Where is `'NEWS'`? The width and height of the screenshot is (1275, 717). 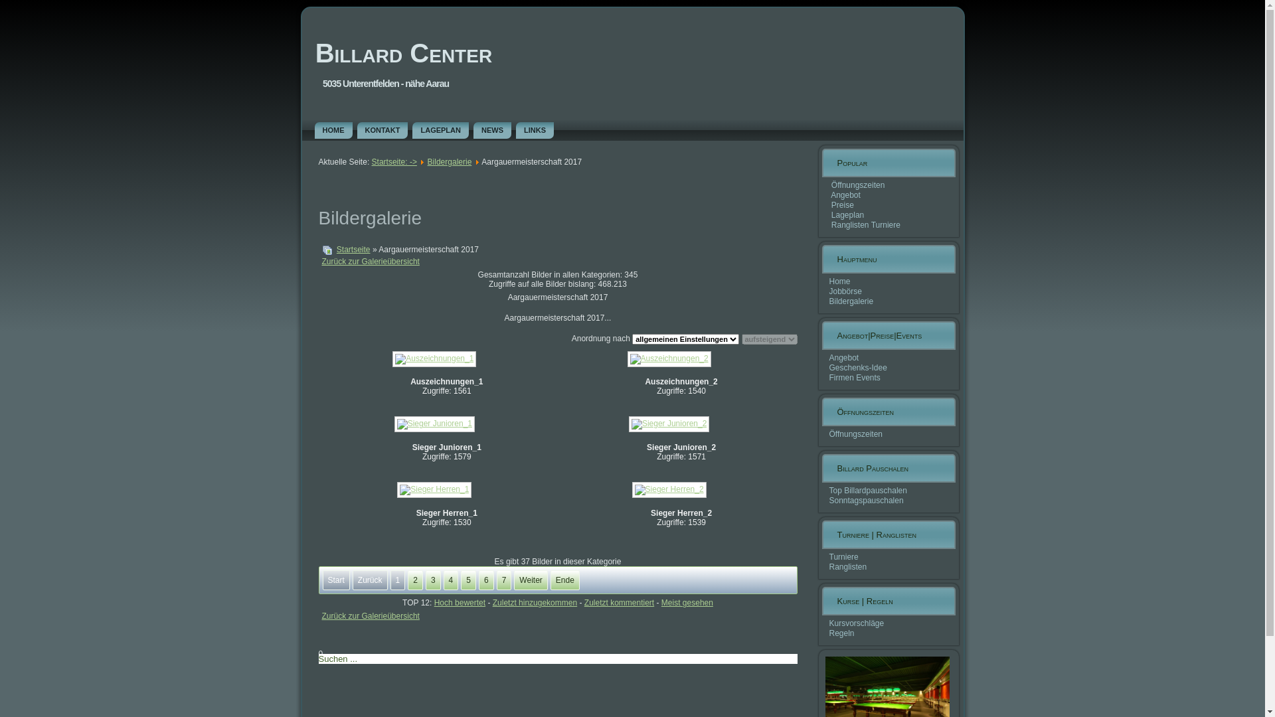 'NEWS' is located at coordinates (473, 130).